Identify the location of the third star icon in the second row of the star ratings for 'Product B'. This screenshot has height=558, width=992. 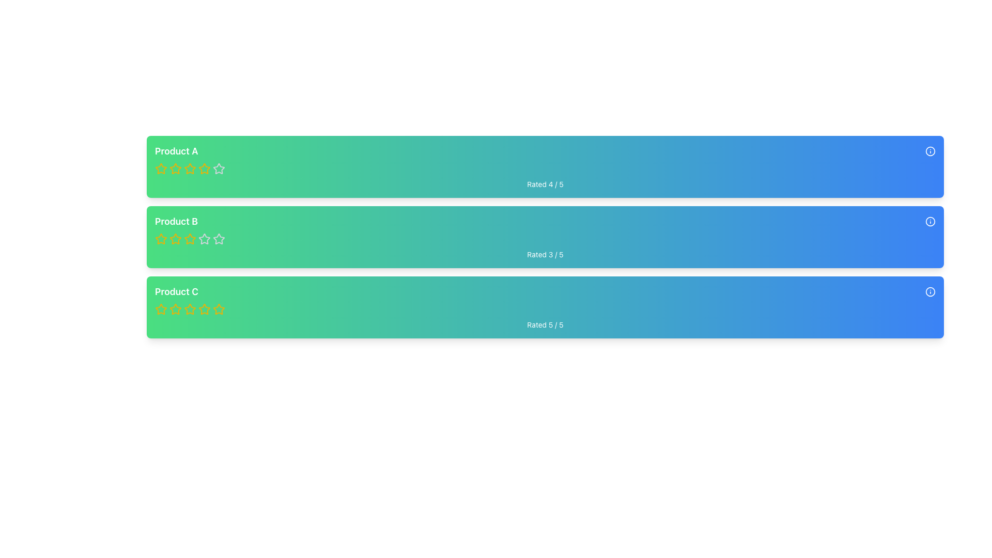
(218, 239).